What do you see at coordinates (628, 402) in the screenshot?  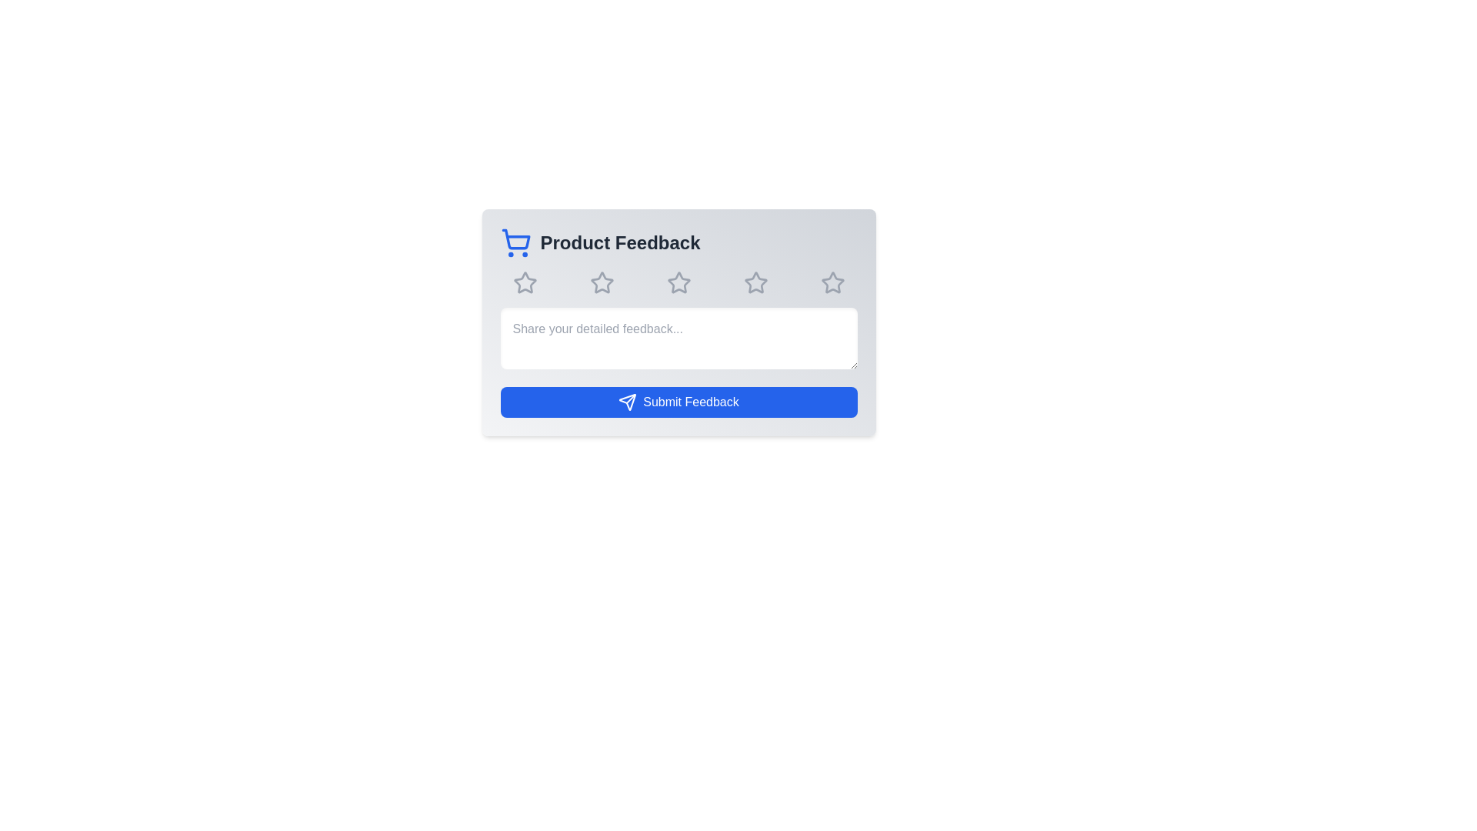 I see `the 'Submit Feedback' button which contains a small graphical icon resembling a stylized paper airplane on the left side of the text label` at bounding box center [628, 402].